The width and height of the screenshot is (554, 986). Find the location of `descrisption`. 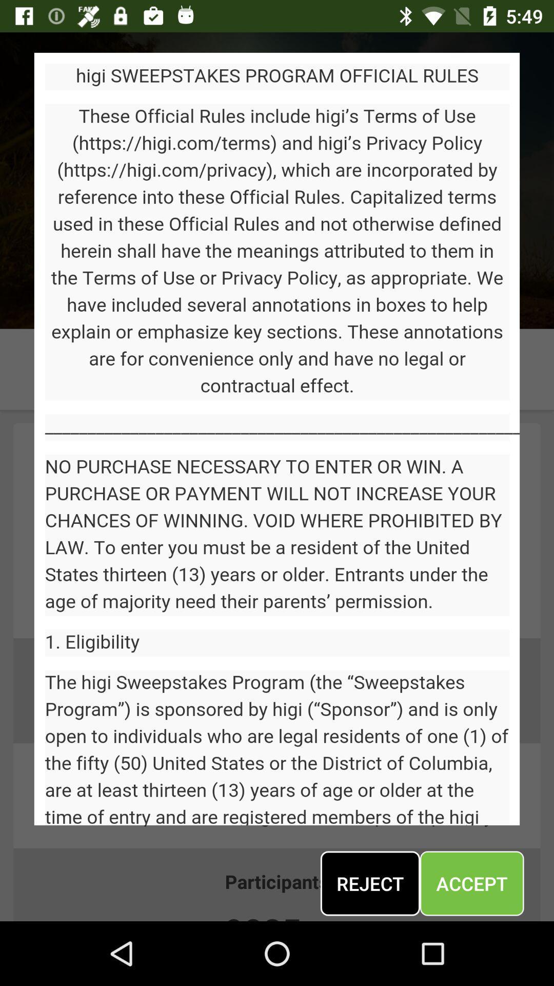

descrisption is located at coordinates (277, 439).